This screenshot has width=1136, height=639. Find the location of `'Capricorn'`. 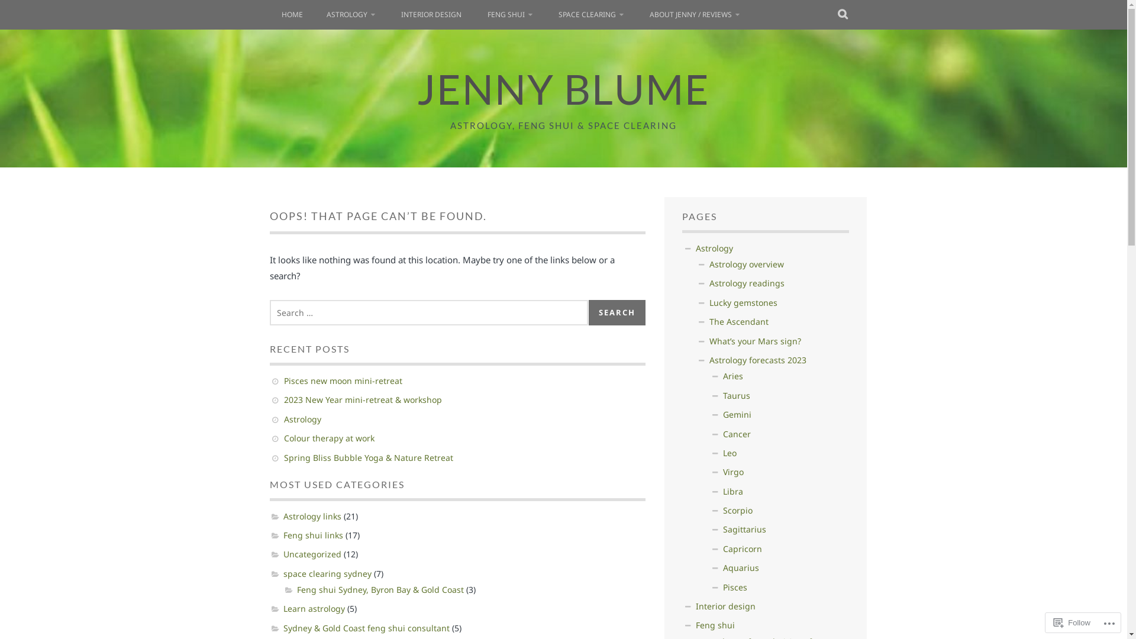

'Capricorn' is located at coordinates (741, 548).